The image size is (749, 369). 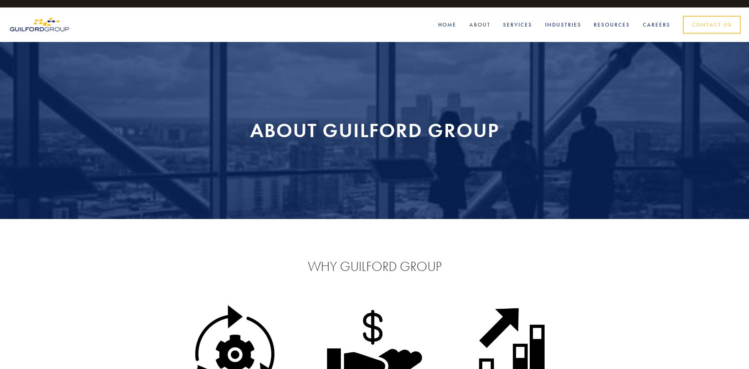 What do you see at coordinates (0, 3) in the screenshot?
I see `'`'` at bounding box center [0, 3].